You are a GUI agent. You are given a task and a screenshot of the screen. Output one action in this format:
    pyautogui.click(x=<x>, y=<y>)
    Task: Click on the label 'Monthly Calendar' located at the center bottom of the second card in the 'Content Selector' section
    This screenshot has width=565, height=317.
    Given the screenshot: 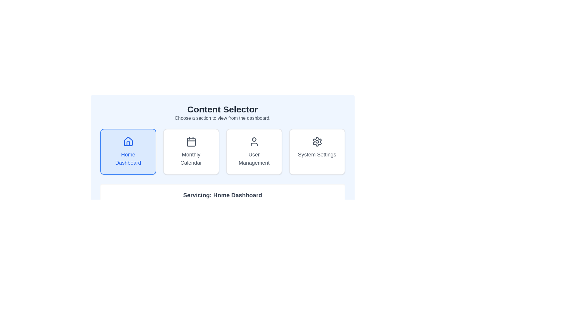 What is the action you would take?
    pyautogui.click(x=191, y=158)
    